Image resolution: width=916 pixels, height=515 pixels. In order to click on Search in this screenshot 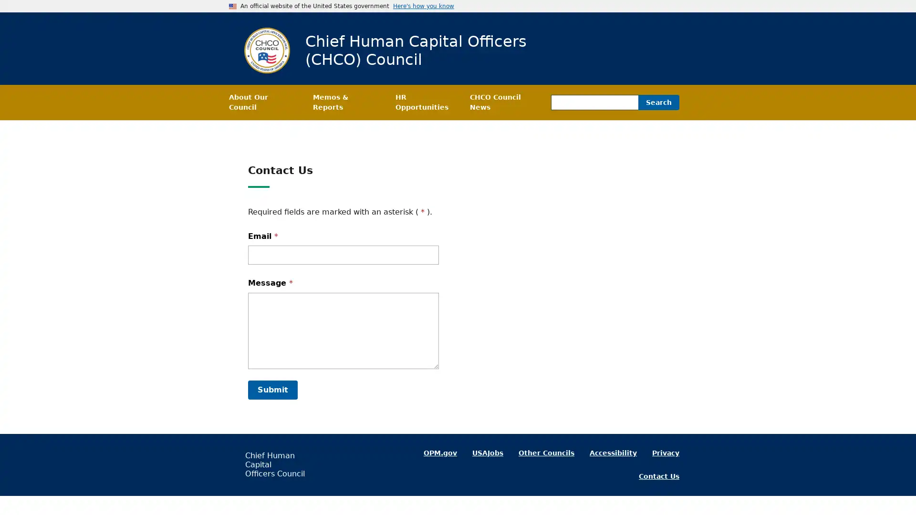, I will do `click(658, 103)`.